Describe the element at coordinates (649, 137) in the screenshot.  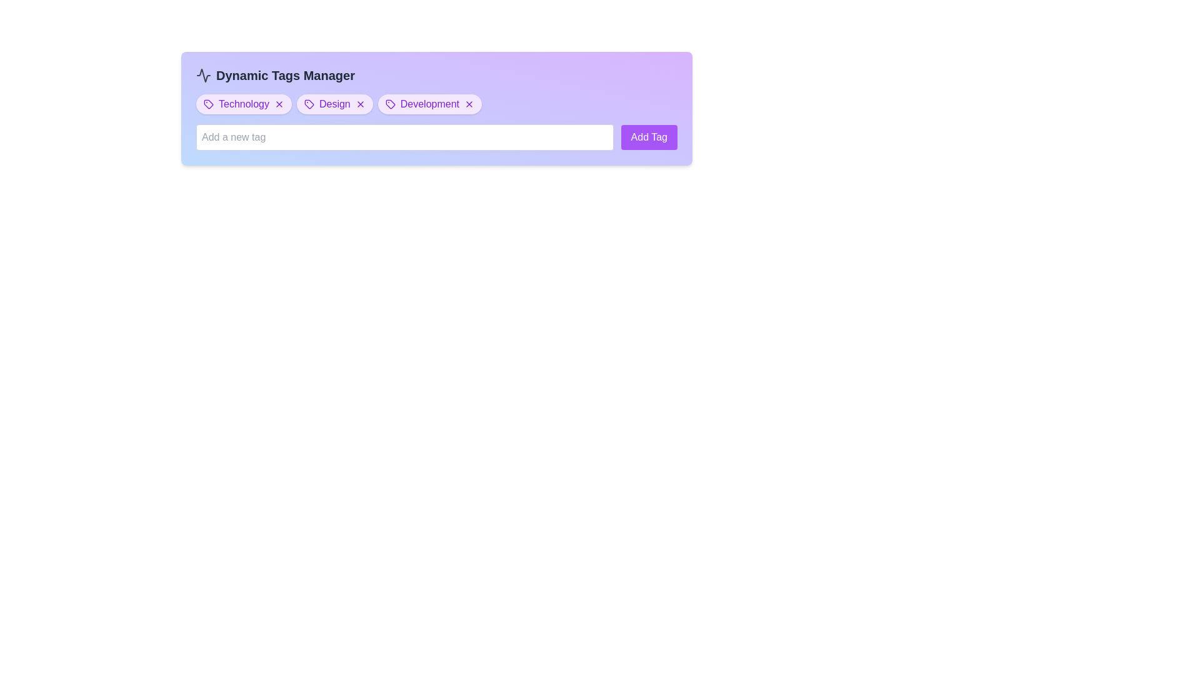
I see `the 'Add Tag' button, which has a rounded rectangular shape with a purple background and white text` at that location.